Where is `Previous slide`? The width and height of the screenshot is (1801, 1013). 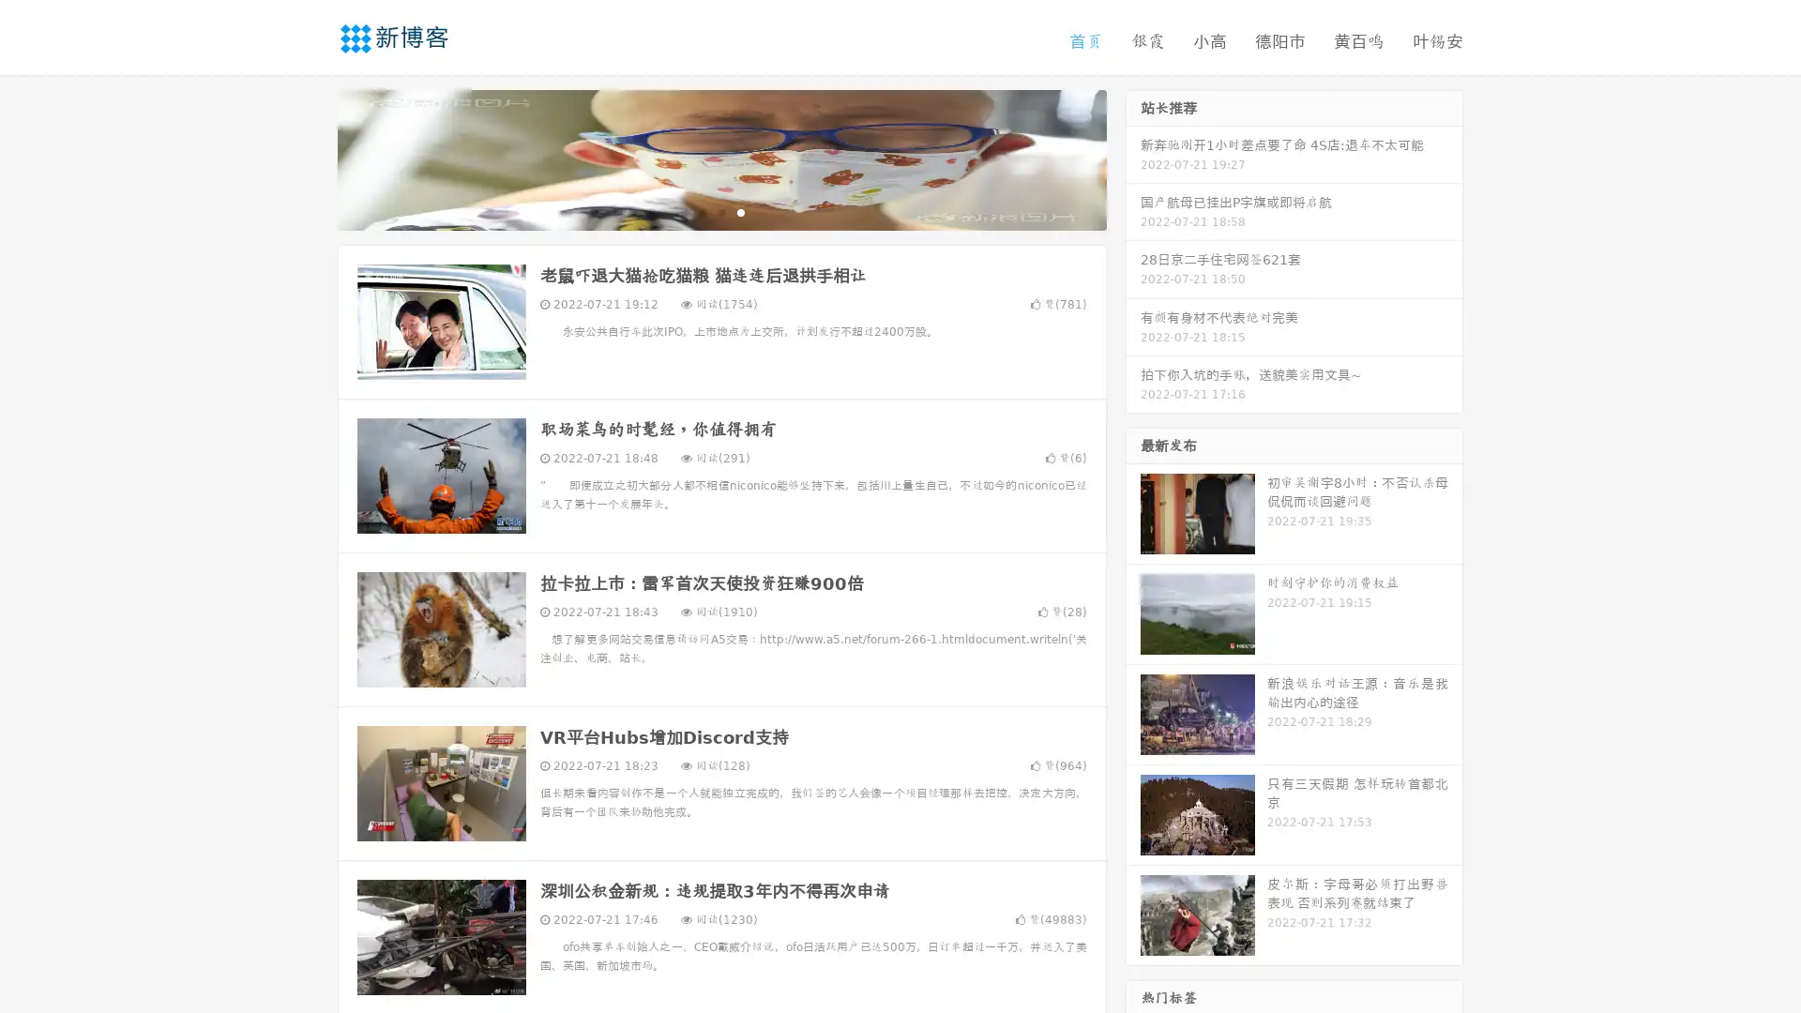 Previous slide is located at coordinates (310, 158).